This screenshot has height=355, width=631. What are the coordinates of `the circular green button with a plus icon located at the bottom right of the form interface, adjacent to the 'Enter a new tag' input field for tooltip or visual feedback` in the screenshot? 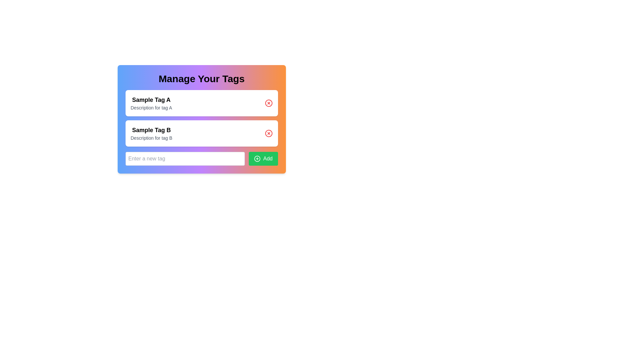 It's located at (257, 158).